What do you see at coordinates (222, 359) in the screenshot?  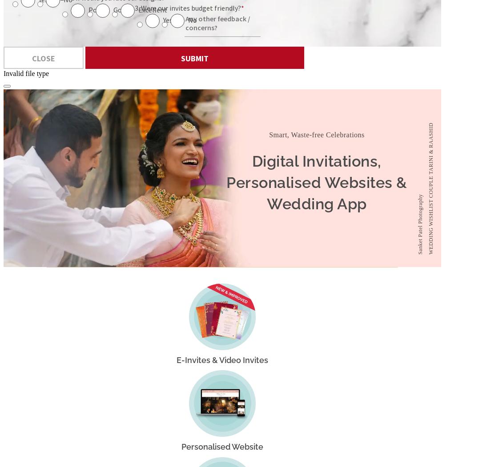 I see `'E-Invites & Video Invites'` at bounding box center [222, 359].